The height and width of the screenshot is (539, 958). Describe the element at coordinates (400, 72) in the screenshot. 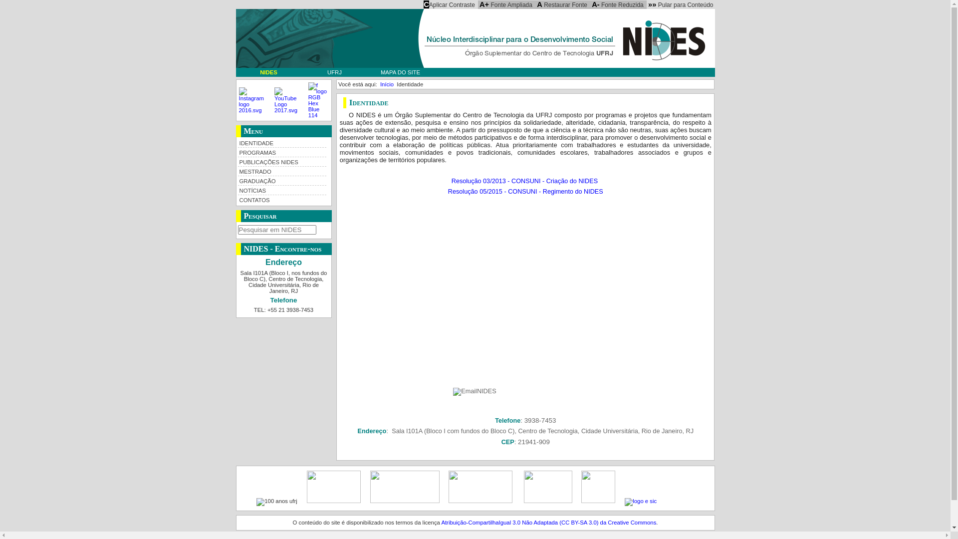

I see `'MAPA DO SITE'` at that location.